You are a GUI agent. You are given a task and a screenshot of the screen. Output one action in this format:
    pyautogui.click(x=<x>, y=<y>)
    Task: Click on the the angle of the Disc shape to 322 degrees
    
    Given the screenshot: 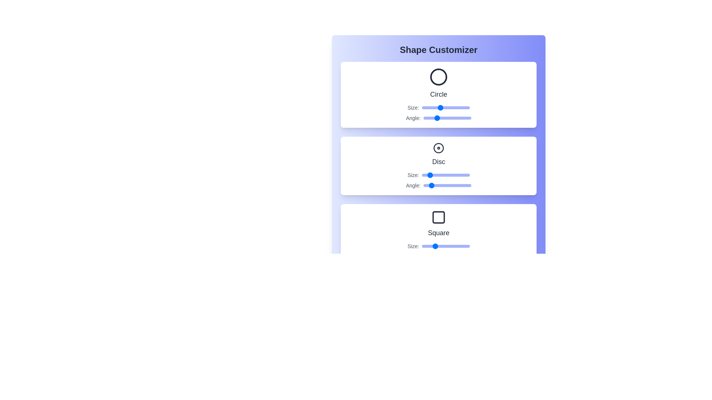 What is the action you would take?
    pyautogui.click(x=466, y=185)
    